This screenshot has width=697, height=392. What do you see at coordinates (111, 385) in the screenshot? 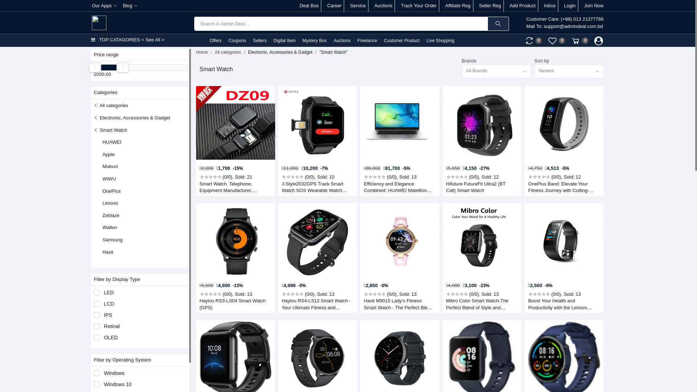
I see `'Fire Boltt'` at bounding box center [111, 385].